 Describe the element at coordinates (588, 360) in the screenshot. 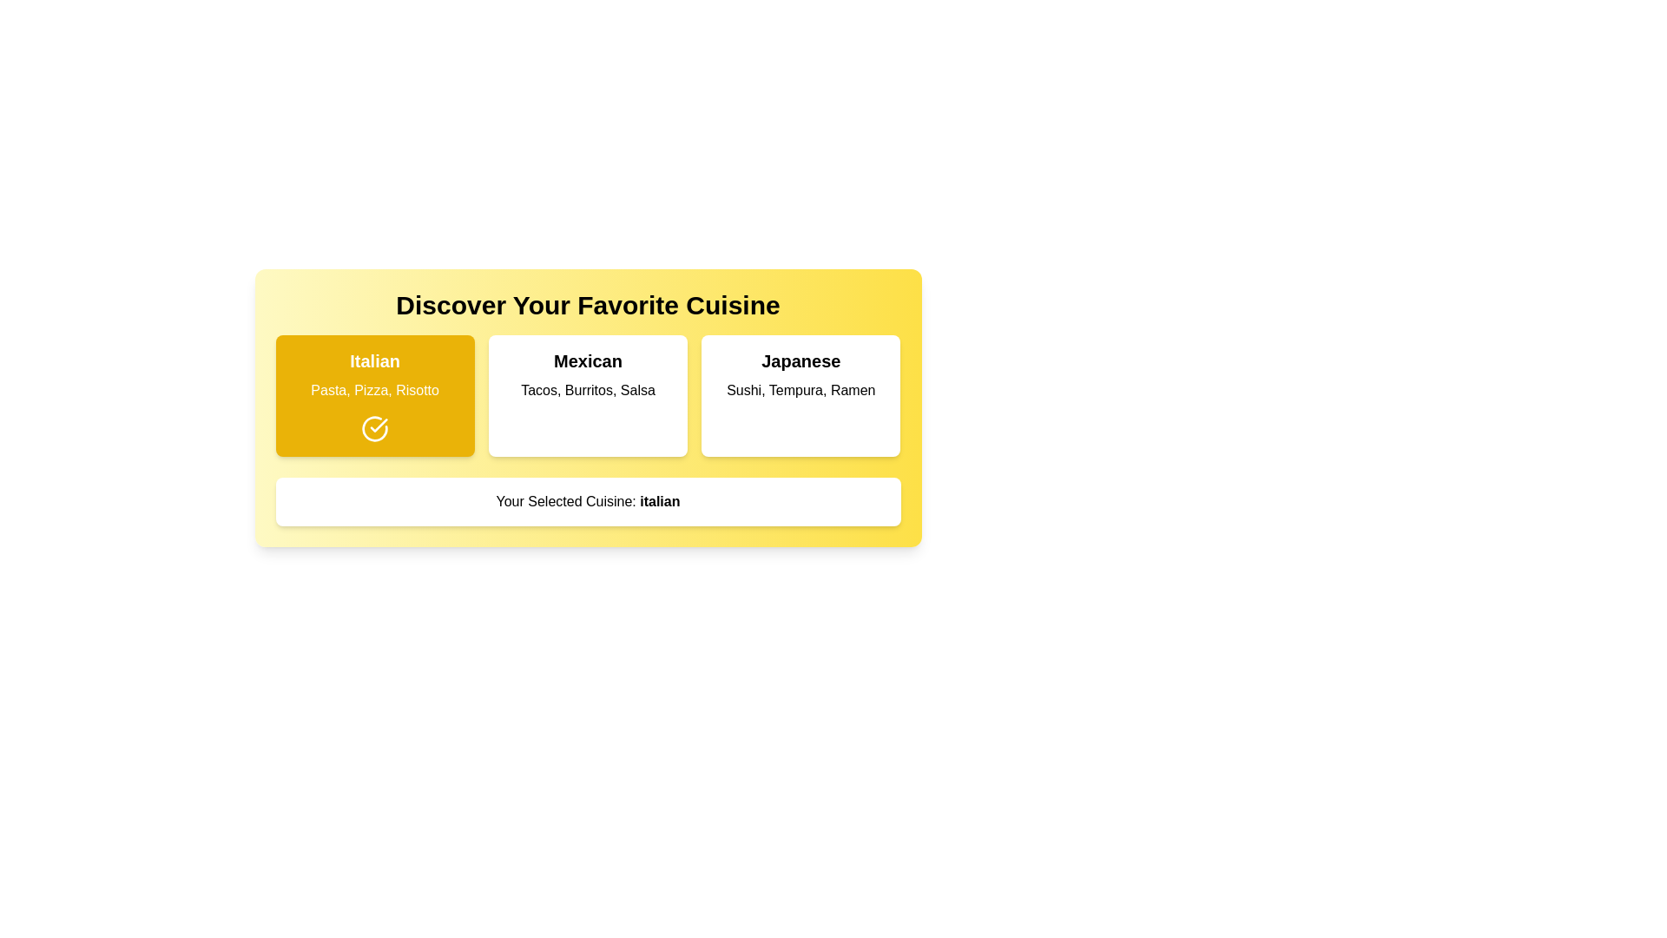

I see `Text label titled 'Mexican' which is styled in bold and larger font, located at the center of the middle block in the interface` at that location.